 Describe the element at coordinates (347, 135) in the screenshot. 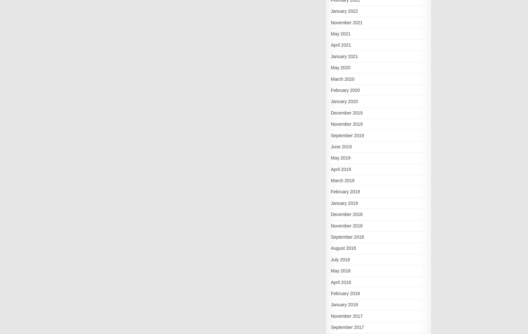

I see `'September 2019'` at that location.